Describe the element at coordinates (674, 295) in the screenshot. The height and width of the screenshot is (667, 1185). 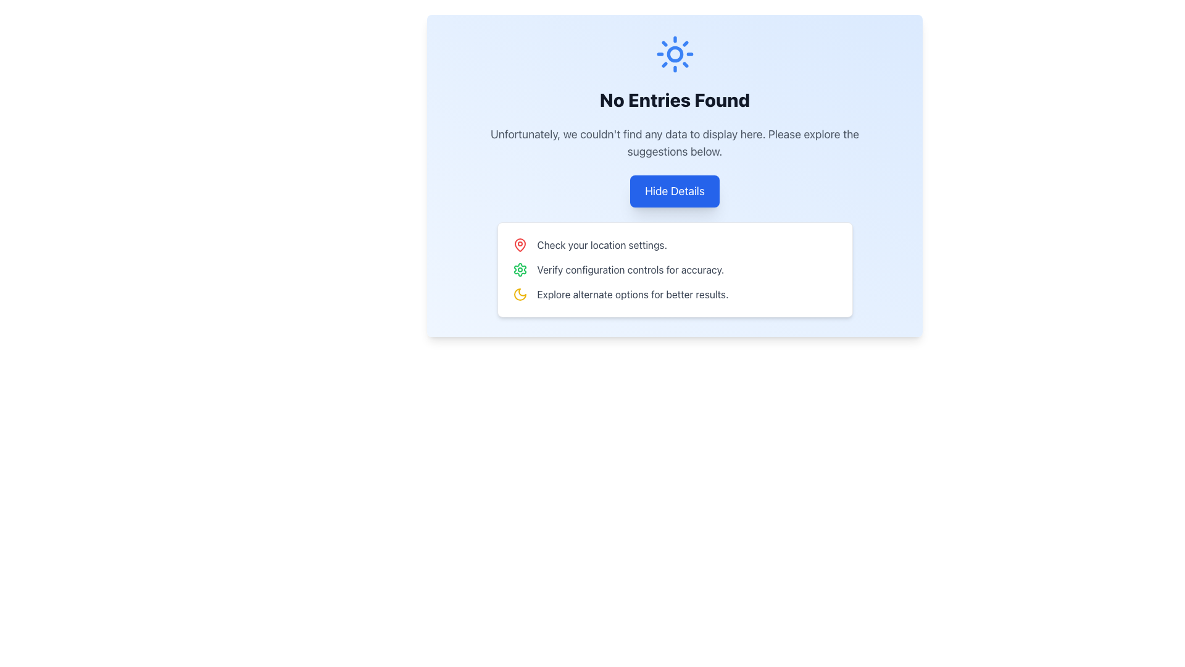
I see `the label with a yellow crescent moon icon and the text 'Explore alternate options for better results.' positioned below the 'Verify configuration controls for accuracy.' item` at that location.